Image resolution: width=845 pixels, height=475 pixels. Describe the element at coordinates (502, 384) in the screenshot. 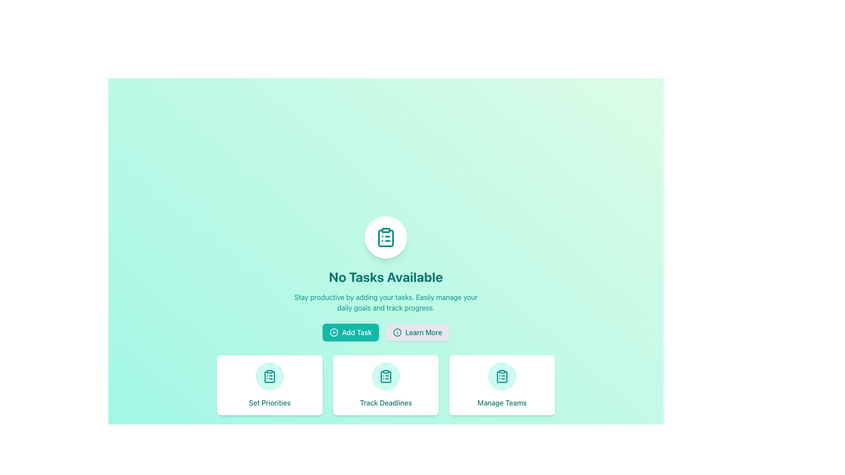

I see `the third card in the grid layout, which serves as a navigational button for managing teams` at that location.